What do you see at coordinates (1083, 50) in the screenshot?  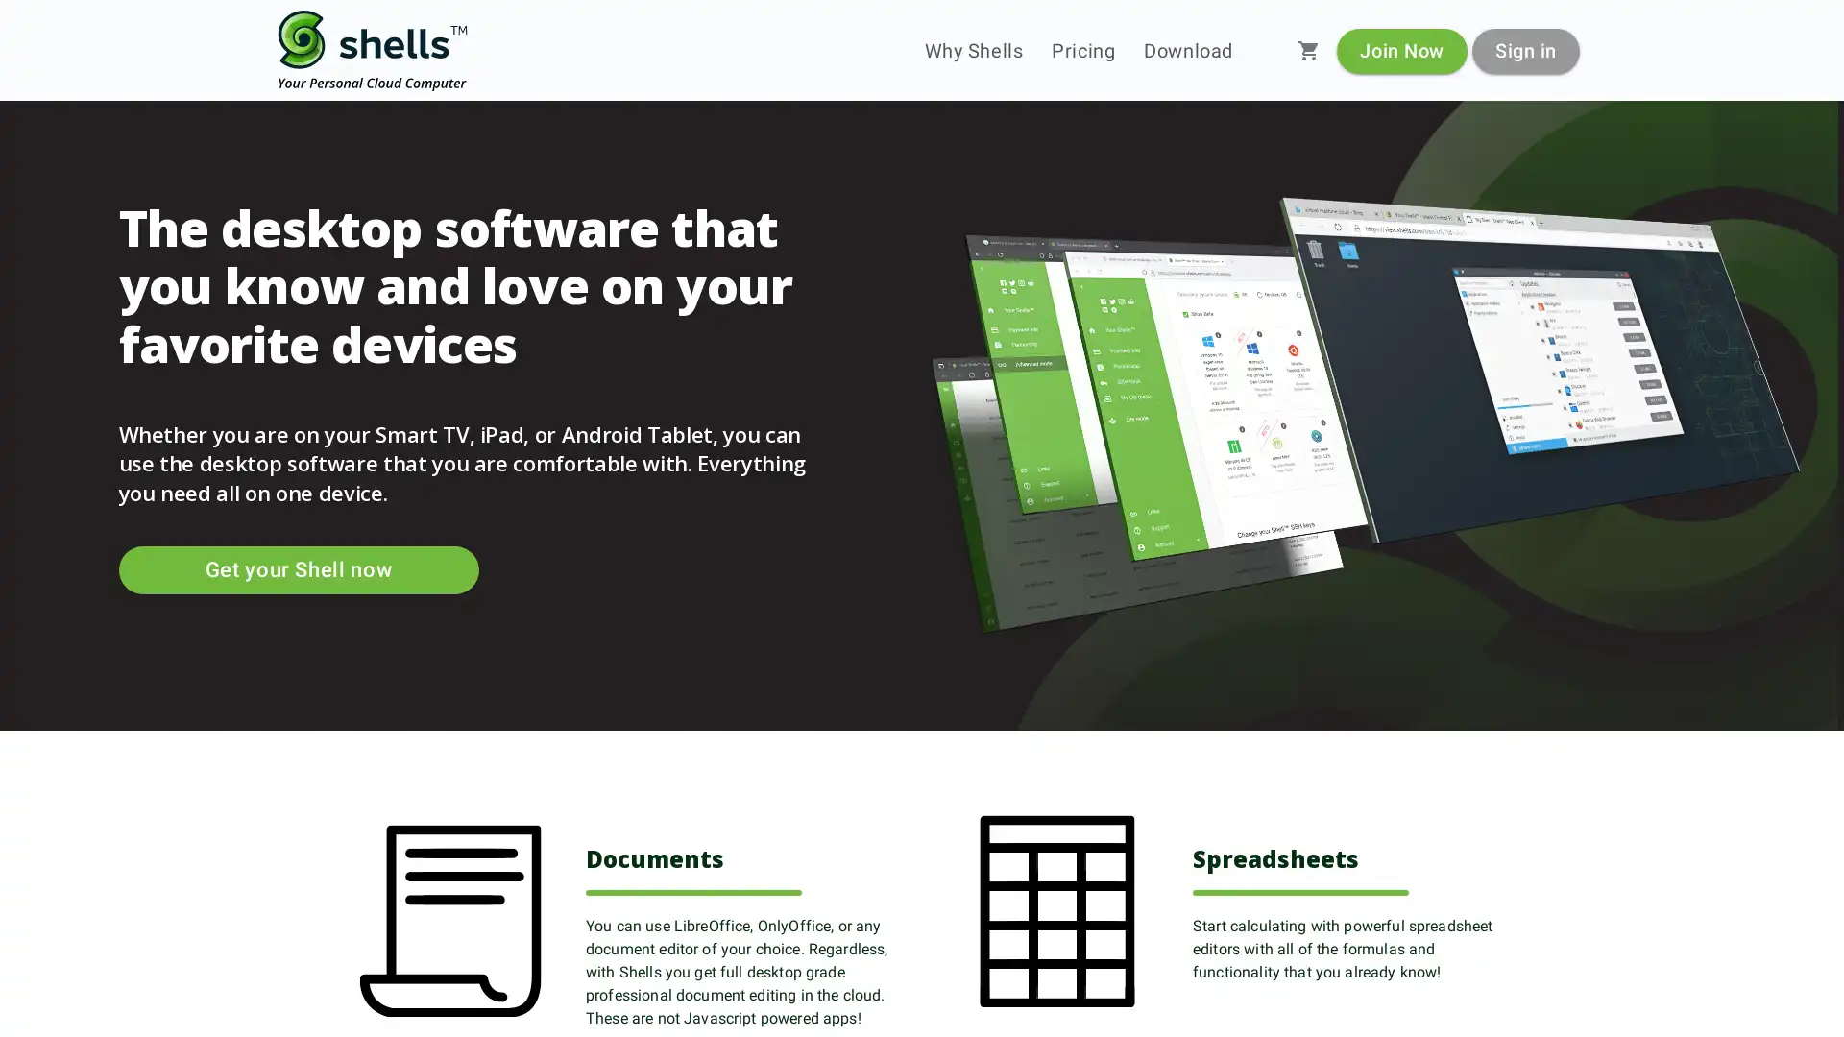 I see `Pricing` at bounding box center [1083, 50].